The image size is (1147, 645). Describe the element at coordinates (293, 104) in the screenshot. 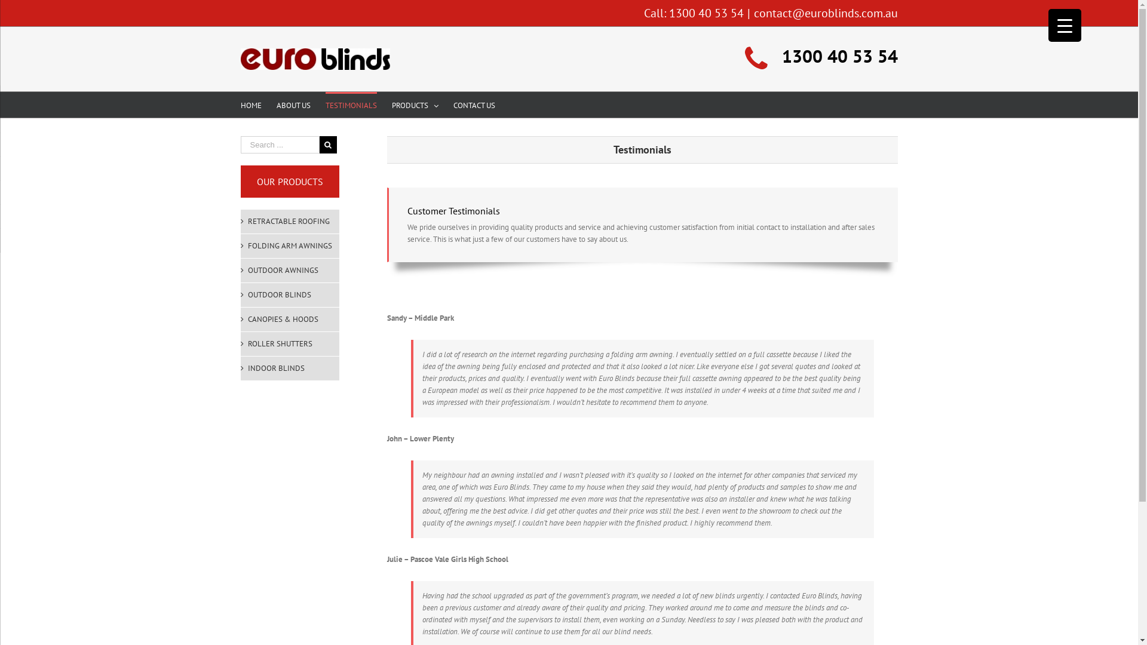

I see `'ABOUT US'` at that location.